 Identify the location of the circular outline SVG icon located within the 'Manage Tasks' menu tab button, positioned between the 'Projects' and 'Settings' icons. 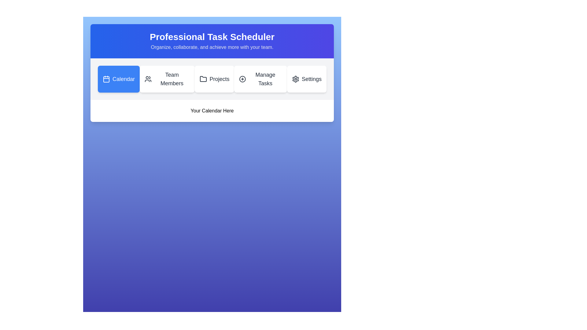
(242, 79).